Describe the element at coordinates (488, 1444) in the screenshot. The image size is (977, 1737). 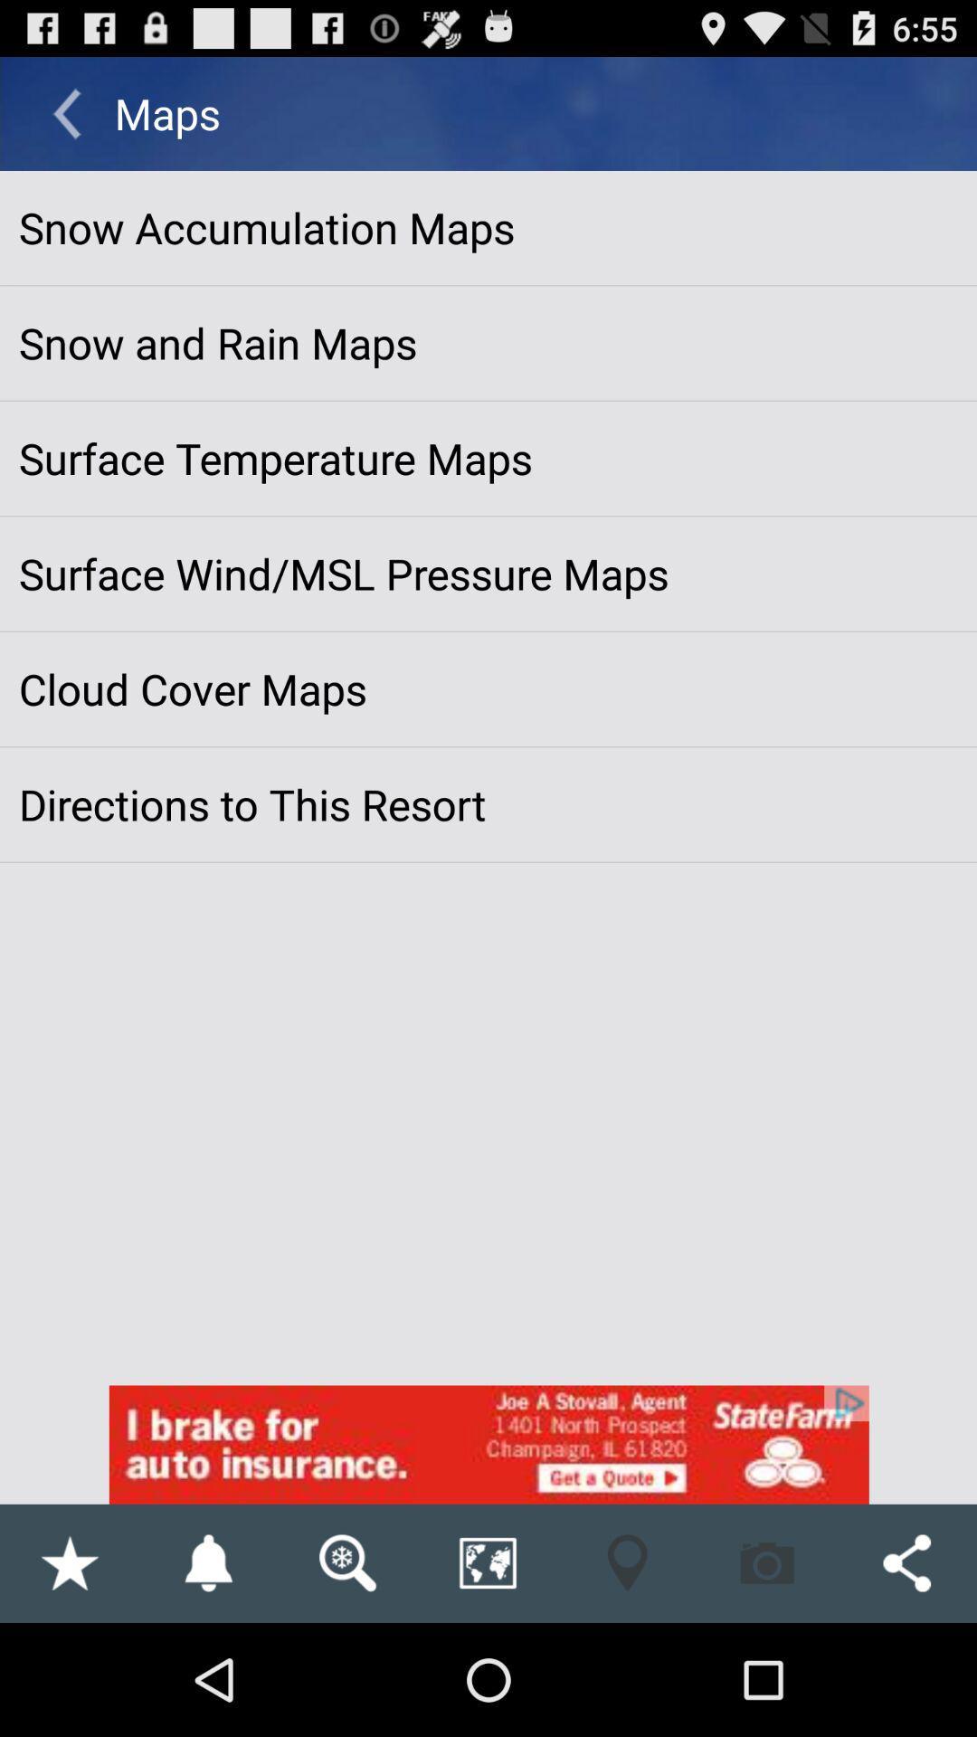
I see `advertisement` at that location.